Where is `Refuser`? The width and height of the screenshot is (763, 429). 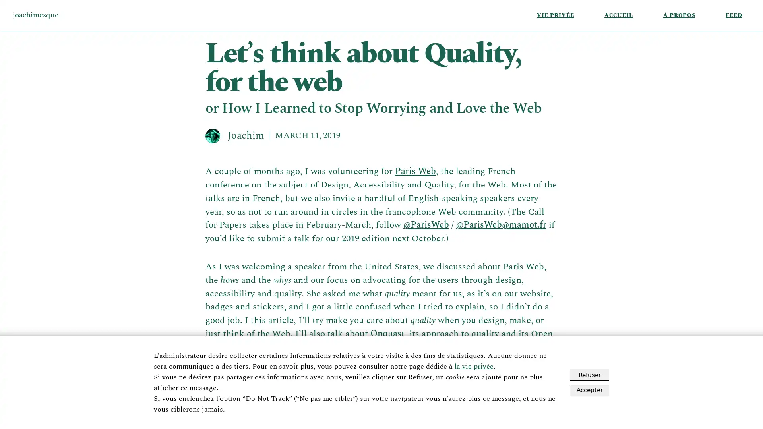 Refuser is located at coordinates (589, 375).